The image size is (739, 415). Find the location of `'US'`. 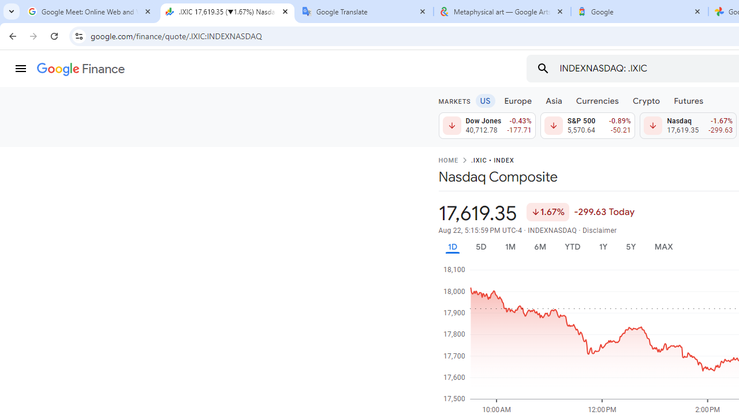

'US' is located at coordinates (485, 100).